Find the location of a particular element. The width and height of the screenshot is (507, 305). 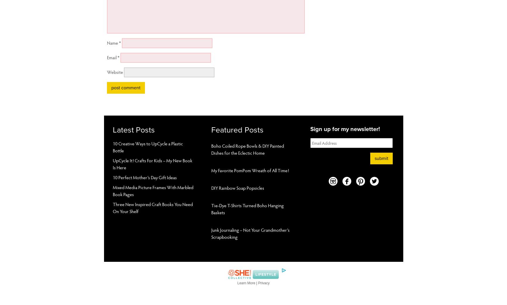

'Boho Coiled Rope Bowls & DIY Painted Dishes for the Eclectic Home' is located at coordinates (248, 149).